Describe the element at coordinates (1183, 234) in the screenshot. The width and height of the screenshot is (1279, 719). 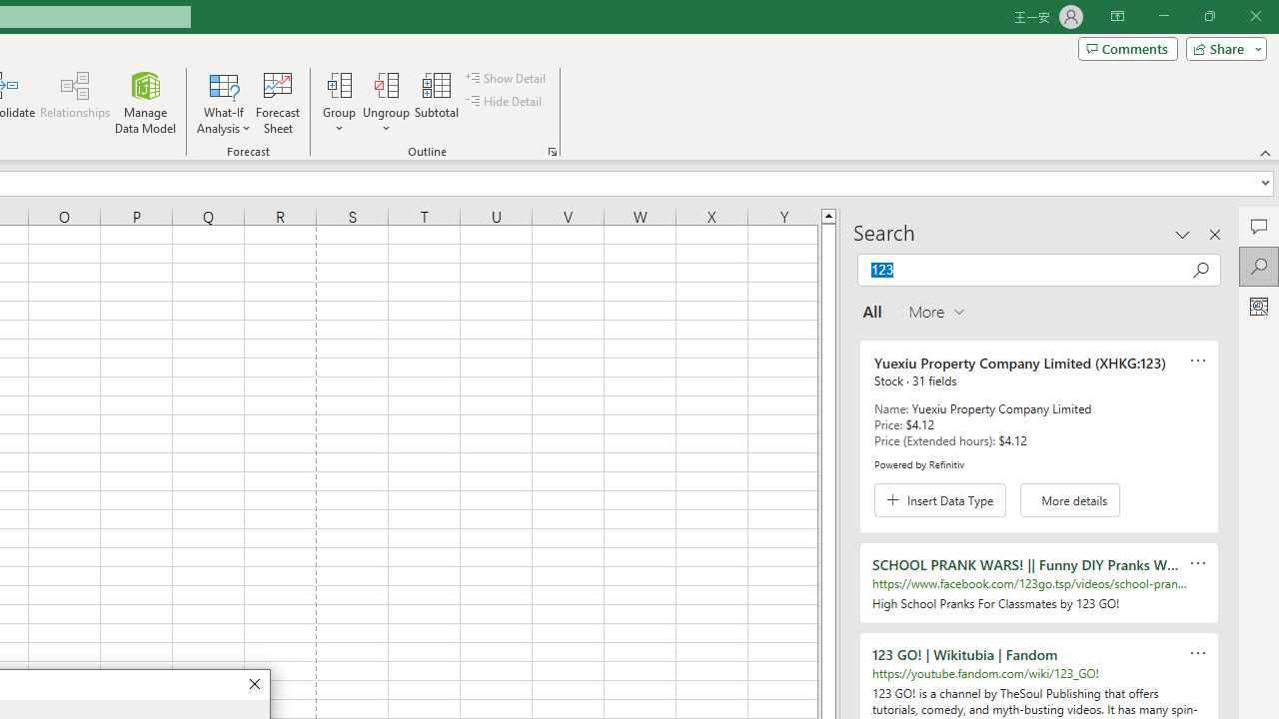
I see `'Task Pane Options'` at that location.